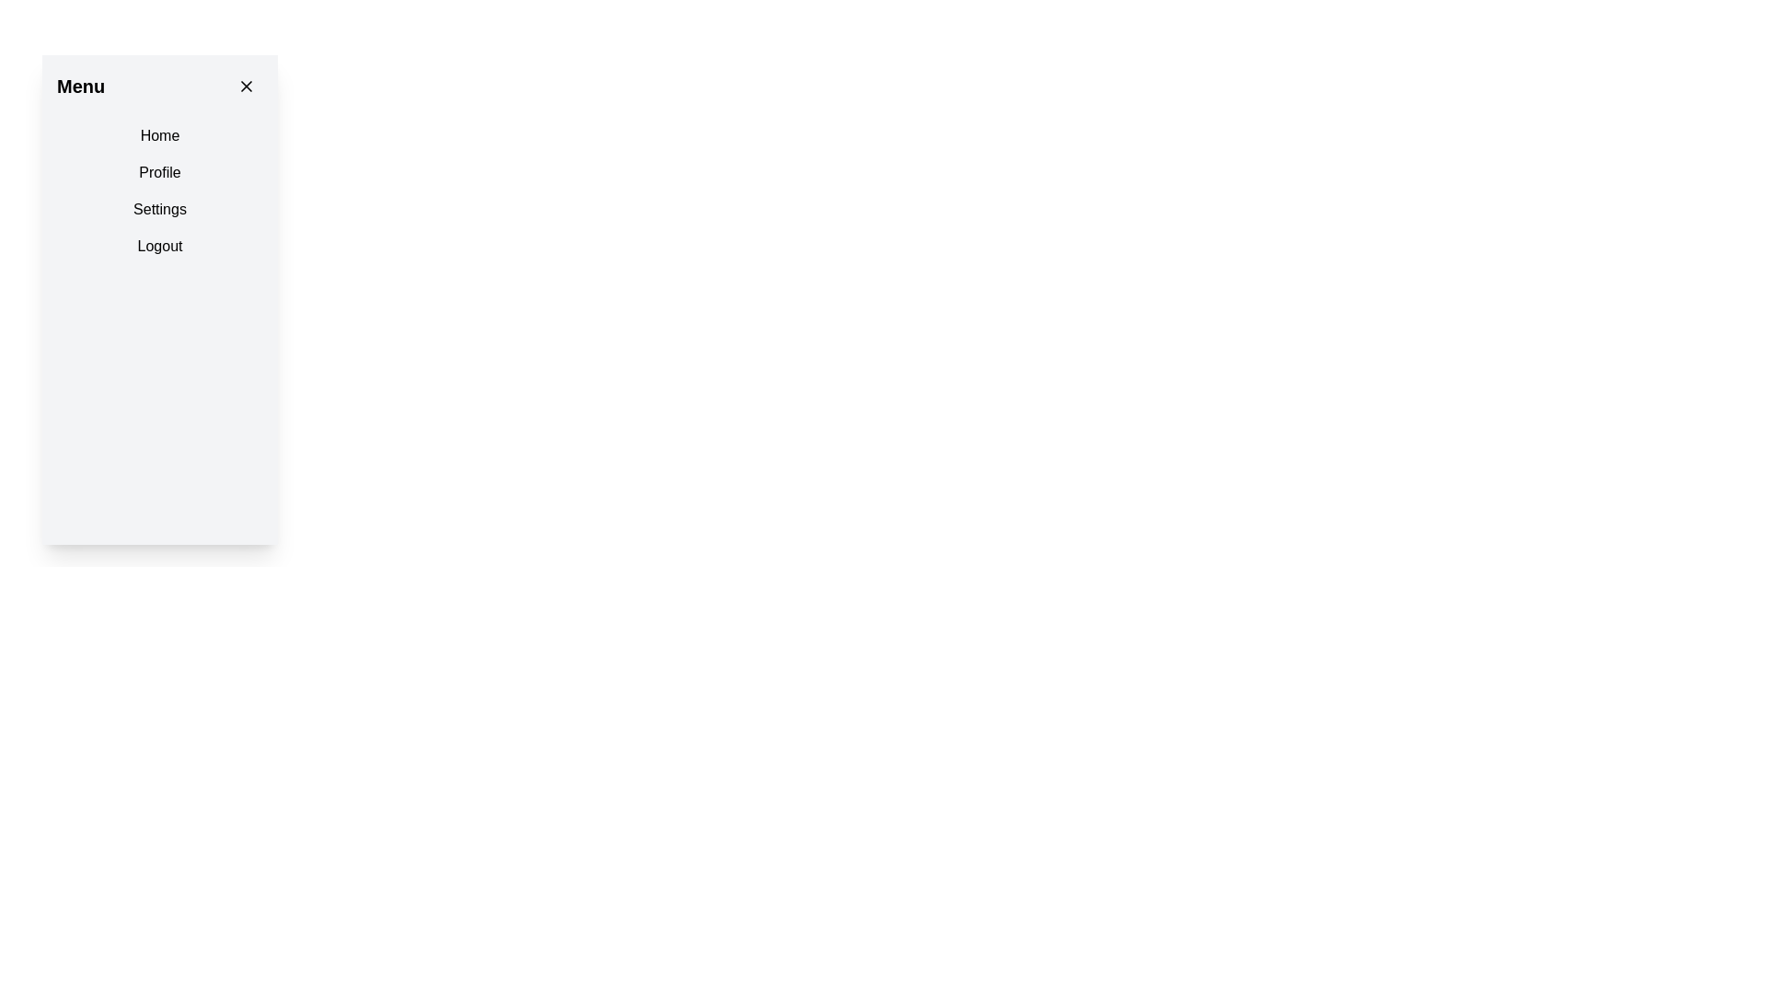 This screenshot has width=1767, height=994. What do you see at coordinates (159, 208) in the screenshot?
I see `the 'Settings' button with padding and rounded corners in the vertical menu` at bounding box center [159, 208].